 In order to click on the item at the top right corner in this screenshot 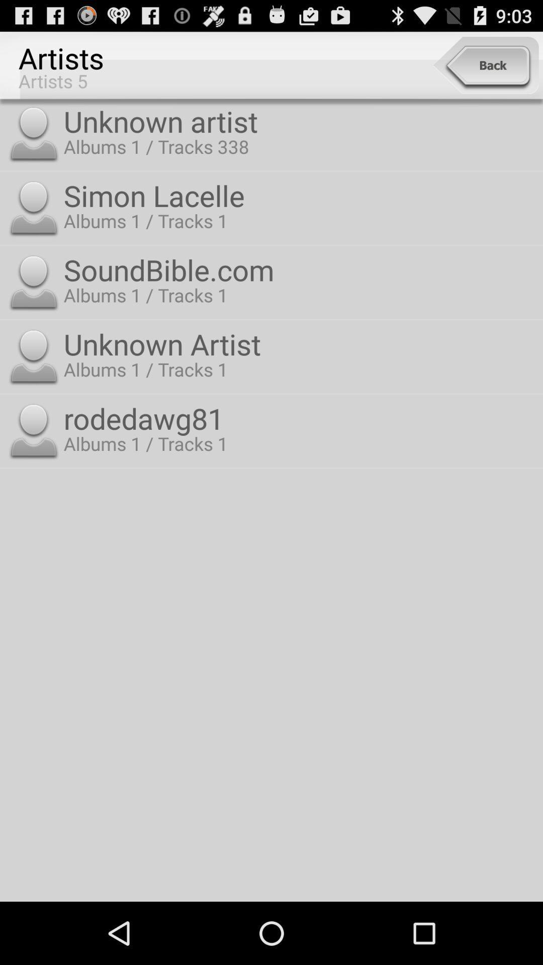, I will do `click(485, 65)`.